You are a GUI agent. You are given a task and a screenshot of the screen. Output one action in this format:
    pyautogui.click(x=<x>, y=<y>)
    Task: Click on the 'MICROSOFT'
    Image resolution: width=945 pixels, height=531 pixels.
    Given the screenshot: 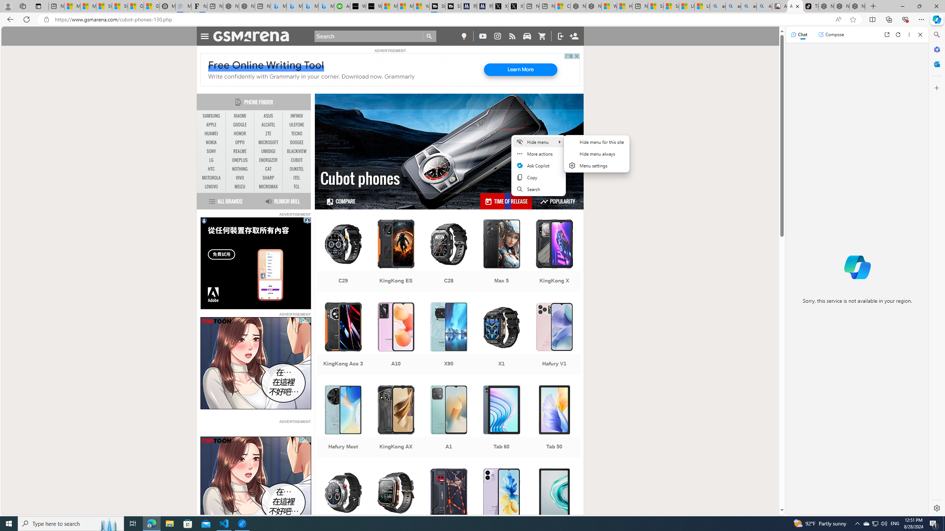 What is the action you would take?
    pyautogui.click(x=268, y=142)
    